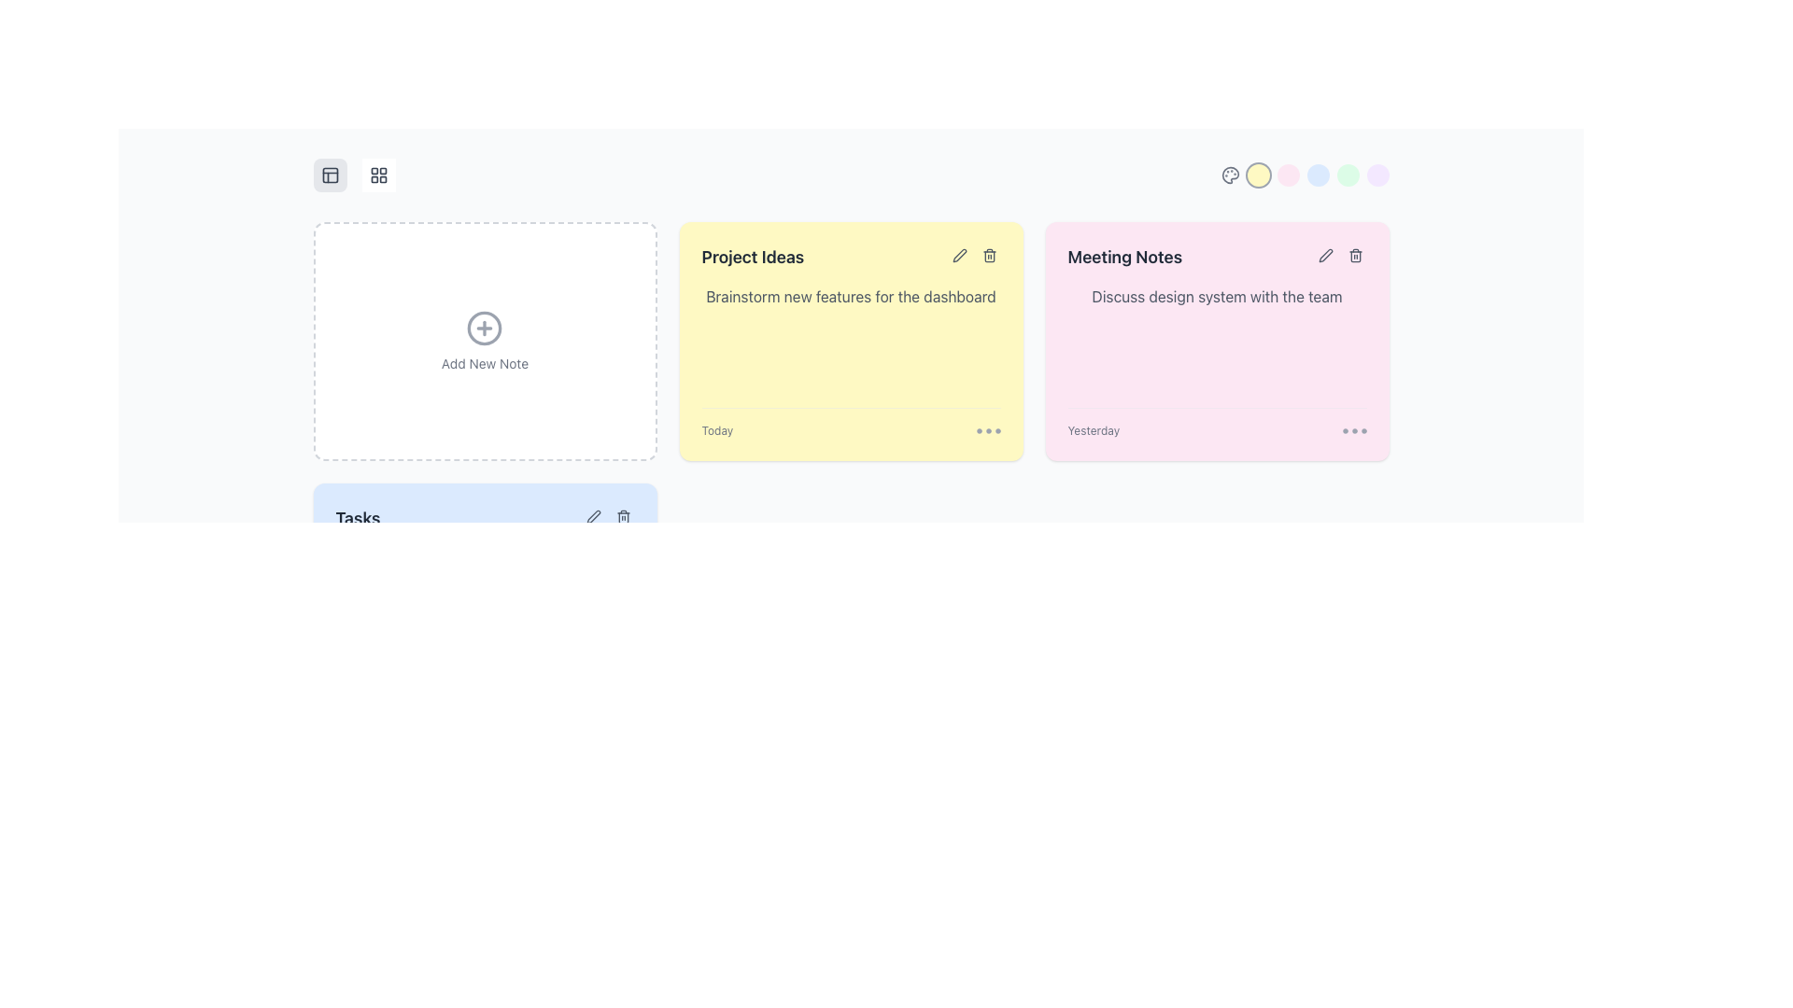  What do you see at coordinates (623, 517) in the screenshot?
I see `the circular delete button with a trashcan icon located to the far right next to the 'Edit' button in the 'Tasks' section` at bounding box center [623, 517].